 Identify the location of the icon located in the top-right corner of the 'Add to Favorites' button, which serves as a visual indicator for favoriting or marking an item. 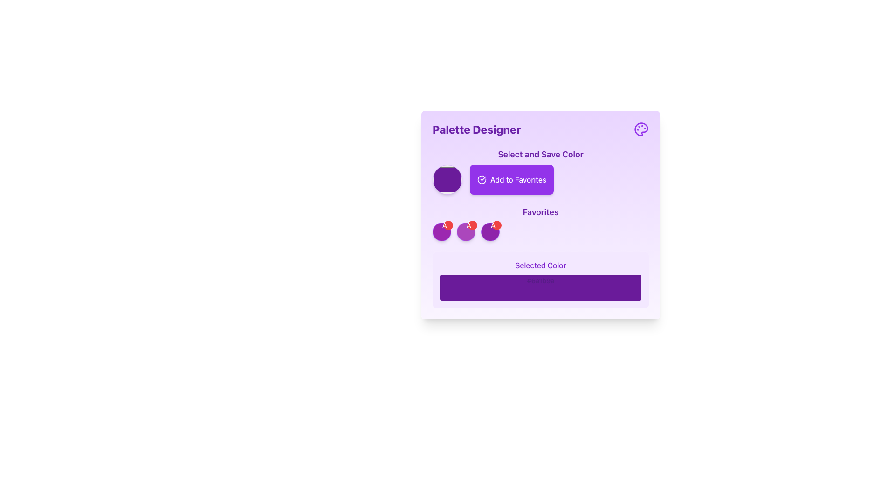
(482, 179).